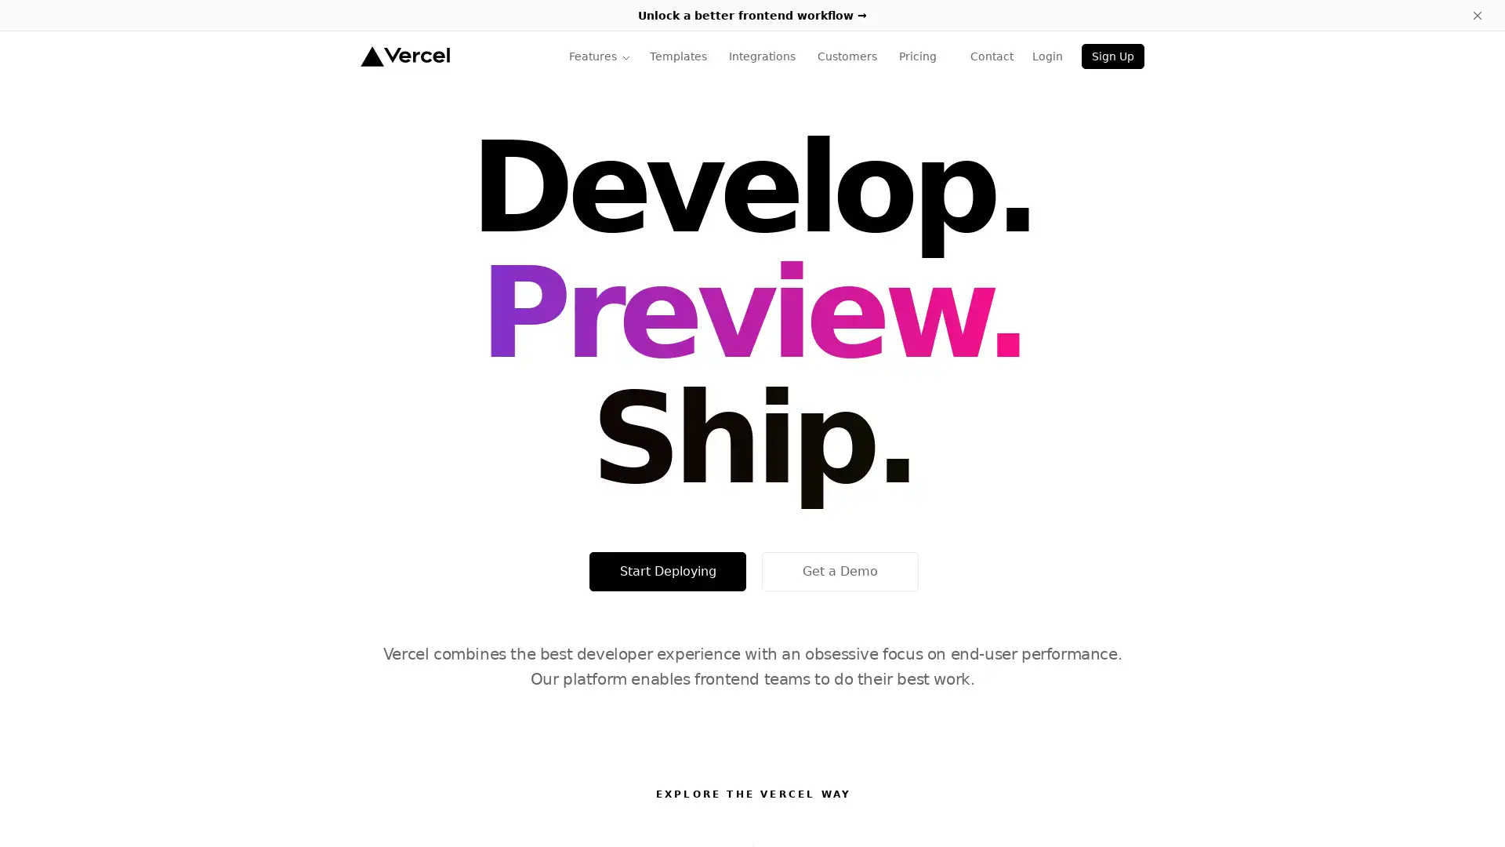  Describe the element at coordinates (599, 56) in the screenshot. I see `Features` at that location.